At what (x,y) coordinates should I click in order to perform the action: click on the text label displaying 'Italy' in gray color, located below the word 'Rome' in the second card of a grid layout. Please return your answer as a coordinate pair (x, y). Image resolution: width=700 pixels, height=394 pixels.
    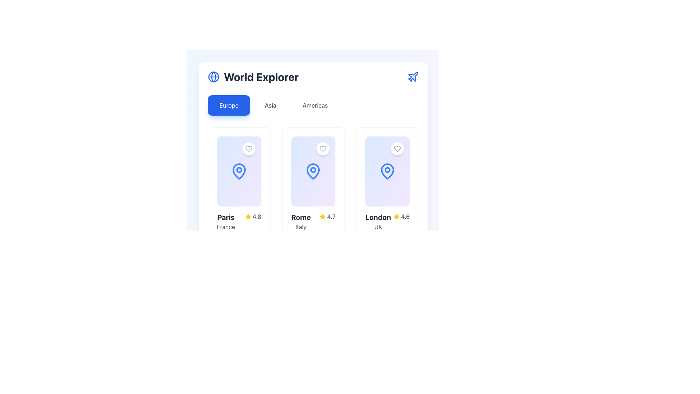
    Looking at the image, I should click on (301, 226).